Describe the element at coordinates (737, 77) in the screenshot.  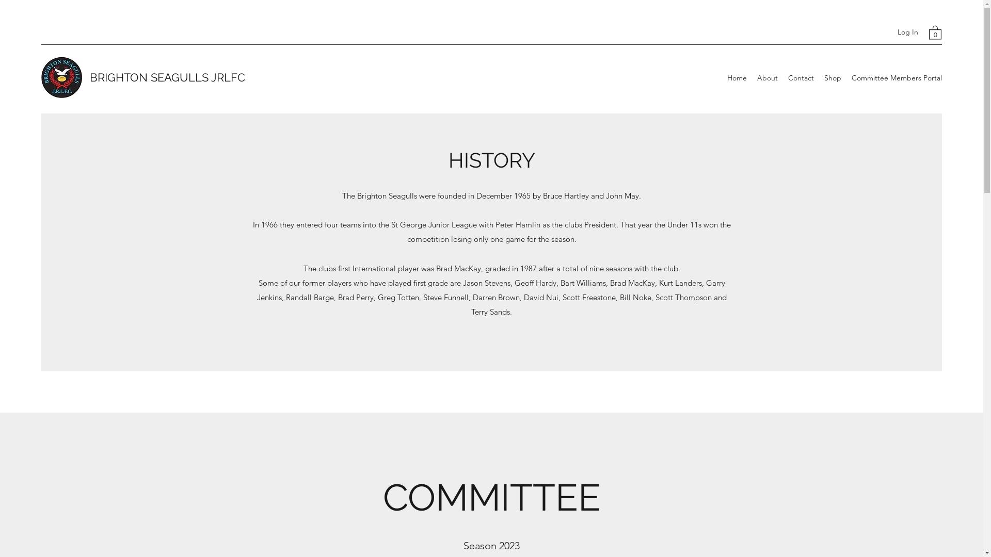
I see `'Home'` at that location.